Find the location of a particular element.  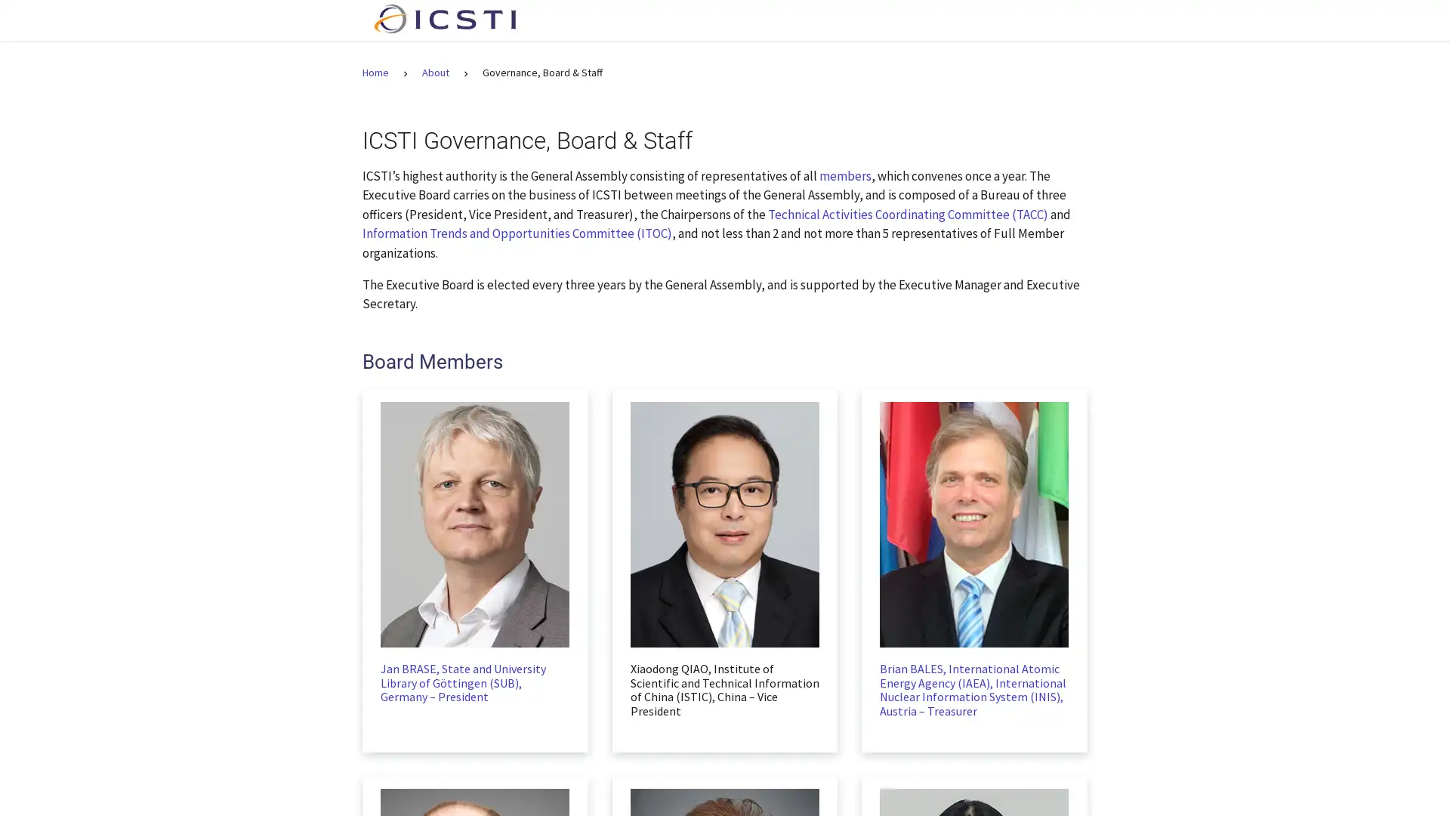

Programs & Resources is located at coordinates (863, 20).